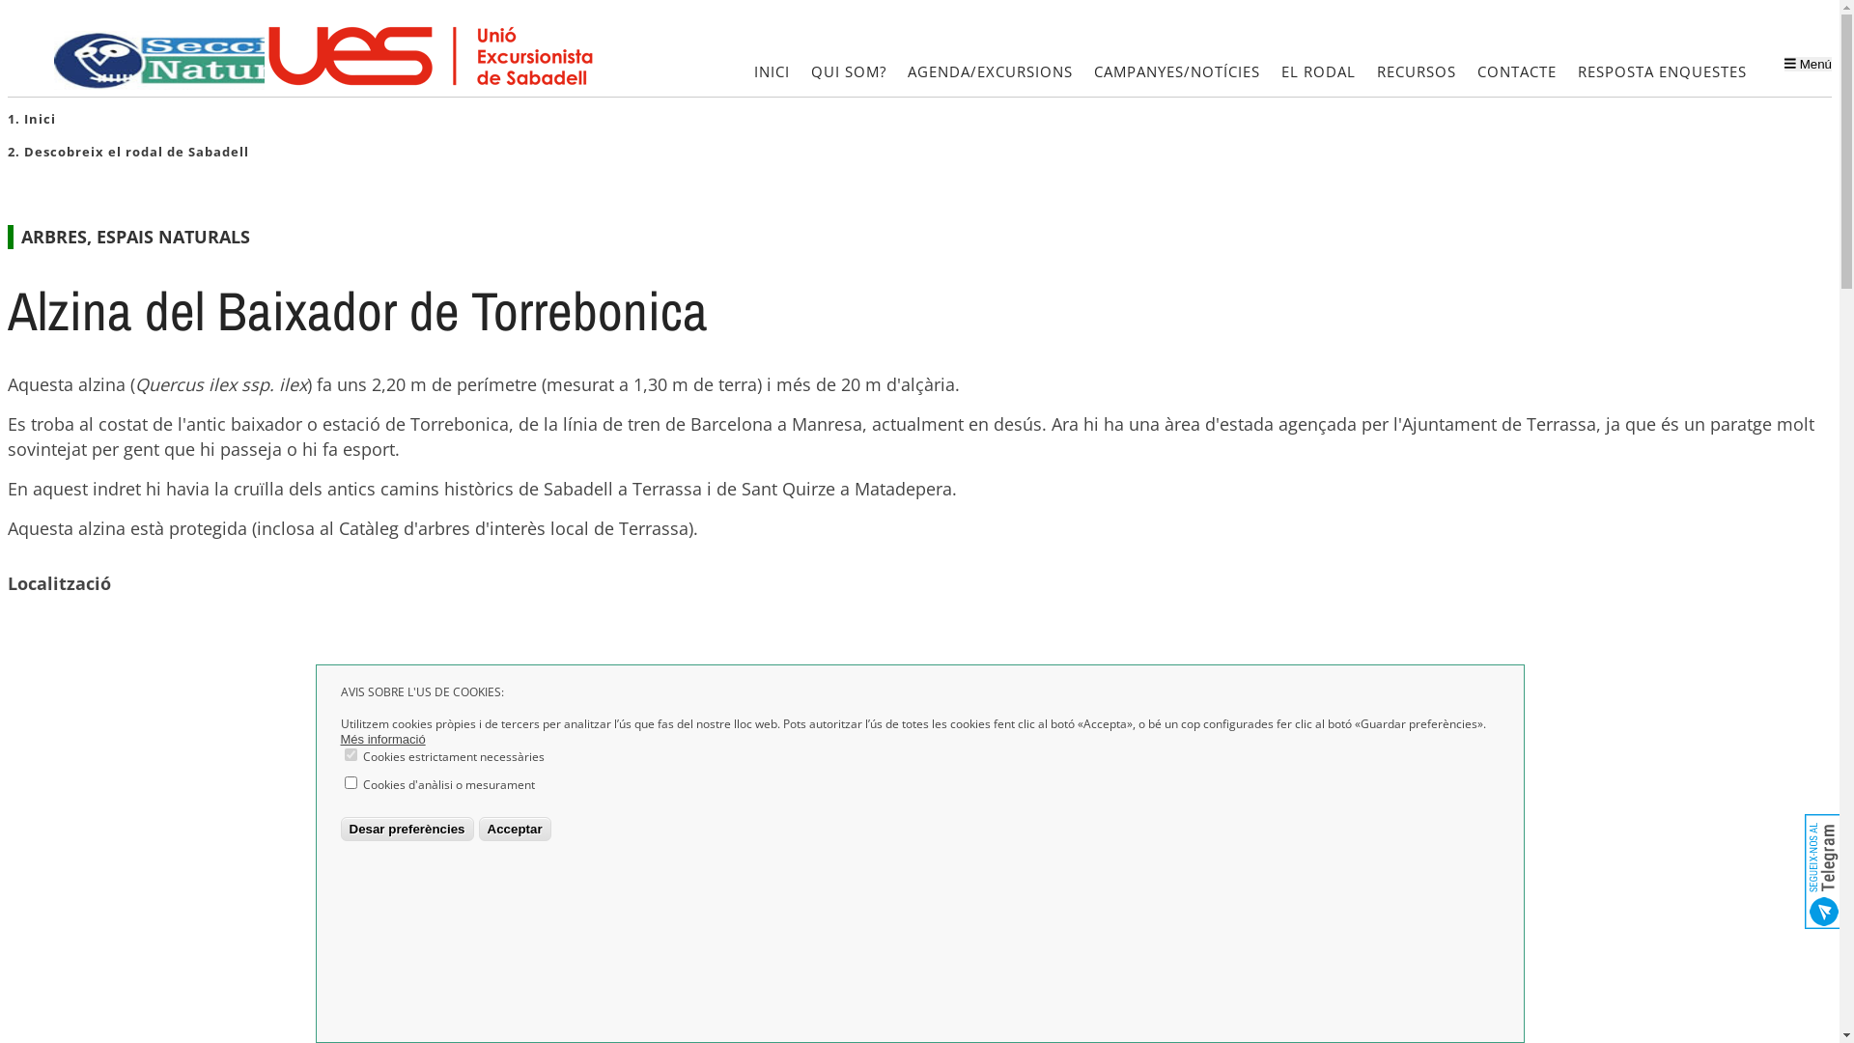  What do you see at coordinates (1468, 71) in the screenshot?
I see `'CONTACTE'` at bounding box center [1468, 71].